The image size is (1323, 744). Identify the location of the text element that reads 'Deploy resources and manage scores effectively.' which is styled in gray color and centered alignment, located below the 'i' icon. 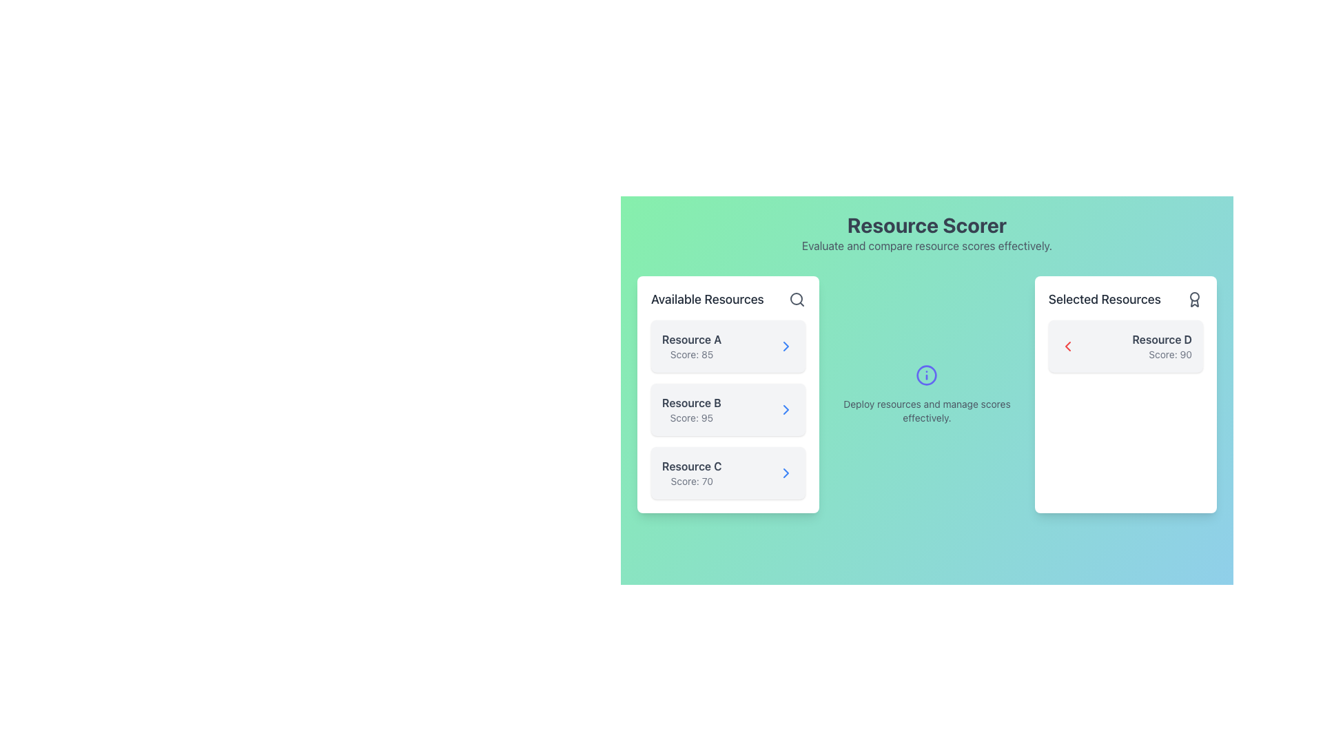
(927, 411).